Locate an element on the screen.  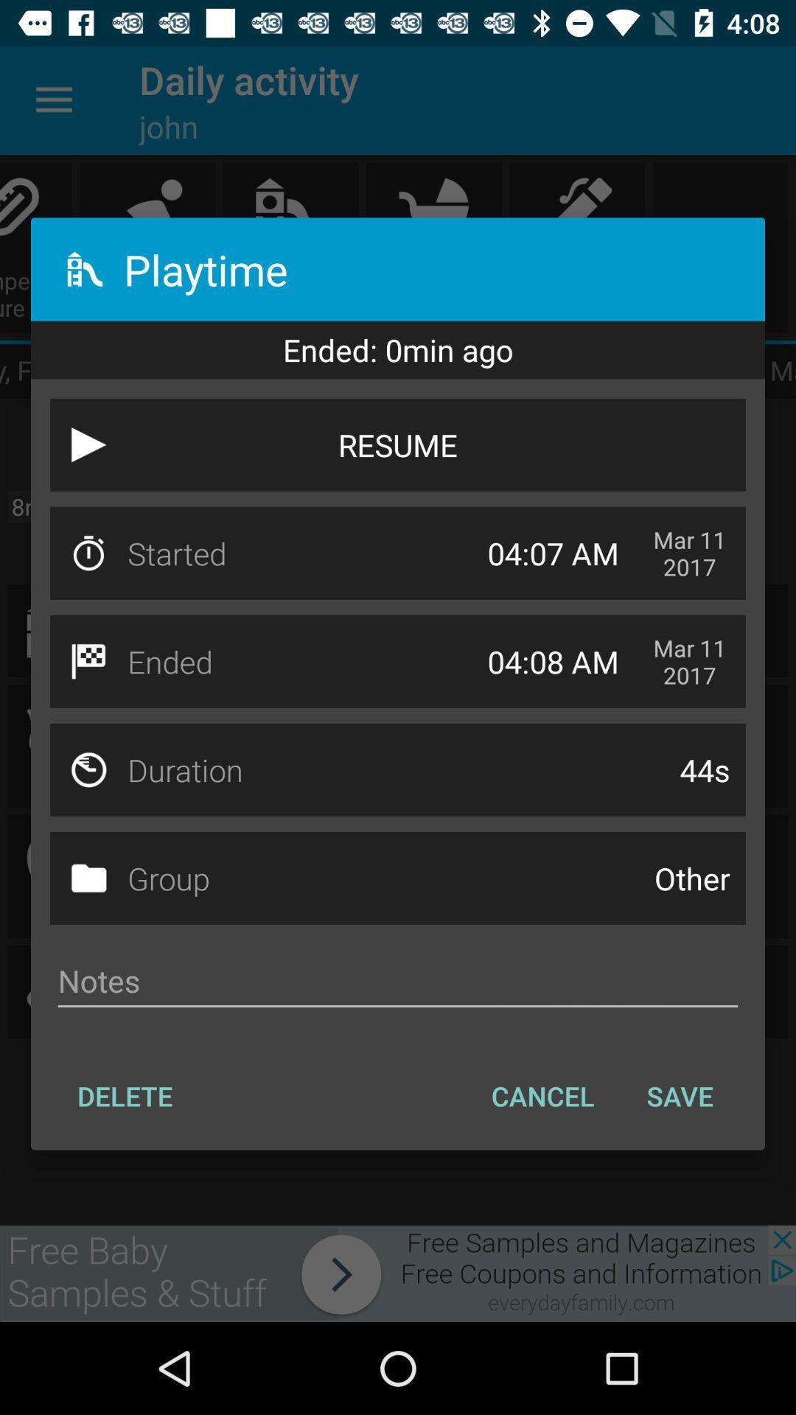
delete at the bottom left corner is located at coordinates (124, 1096).